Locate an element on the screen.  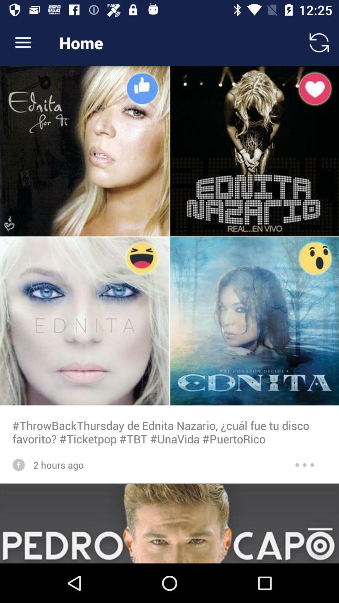
the throwbackthursday de ednita item is located at coordinates (169, 432).